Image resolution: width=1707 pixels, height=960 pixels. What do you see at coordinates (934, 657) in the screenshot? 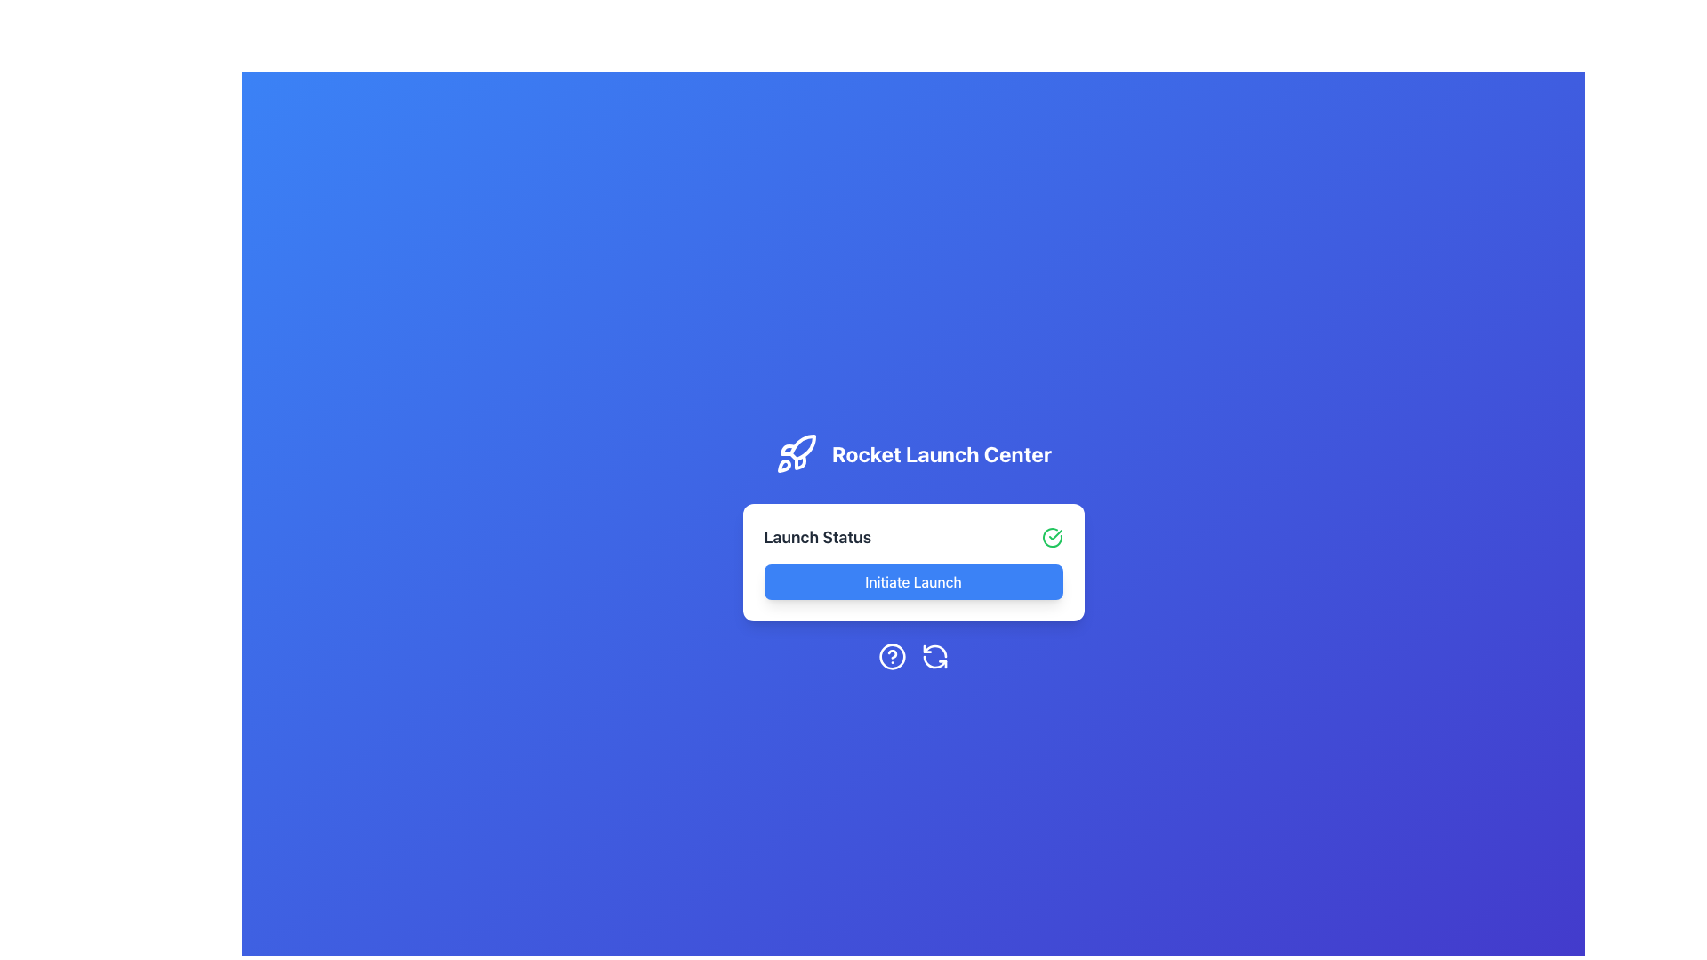
I see `the refresh icon button located to the right of the help icon, below the 'Launch Status' section` at bounding box center [934, 657].